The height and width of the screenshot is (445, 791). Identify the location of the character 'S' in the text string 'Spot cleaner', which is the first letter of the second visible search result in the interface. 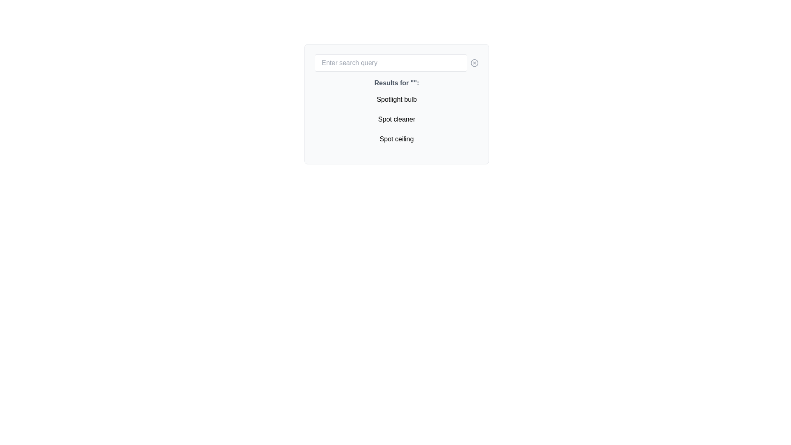
(380, 119).